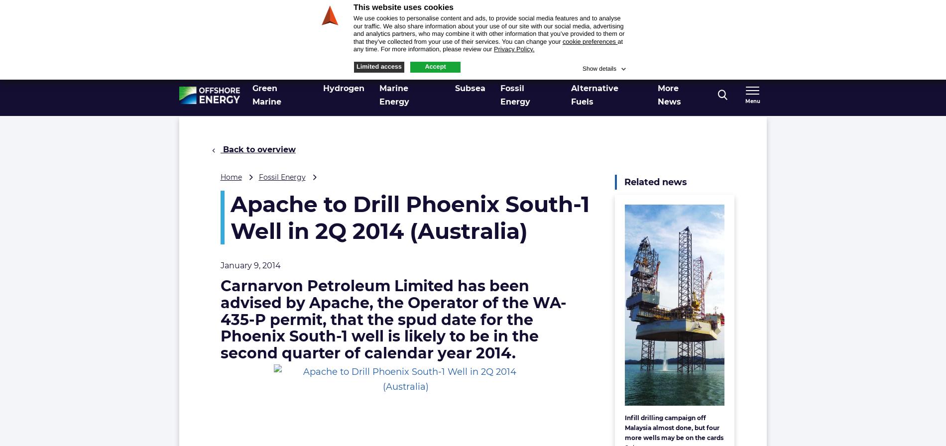 The width and height of the screenshot is (946, 446). Describe the element at coordinates (673, 427) in the screenshot. I see `'Infill drilling campaign off Malaysia almost done, but four more wells may be on the cards'` at that location.